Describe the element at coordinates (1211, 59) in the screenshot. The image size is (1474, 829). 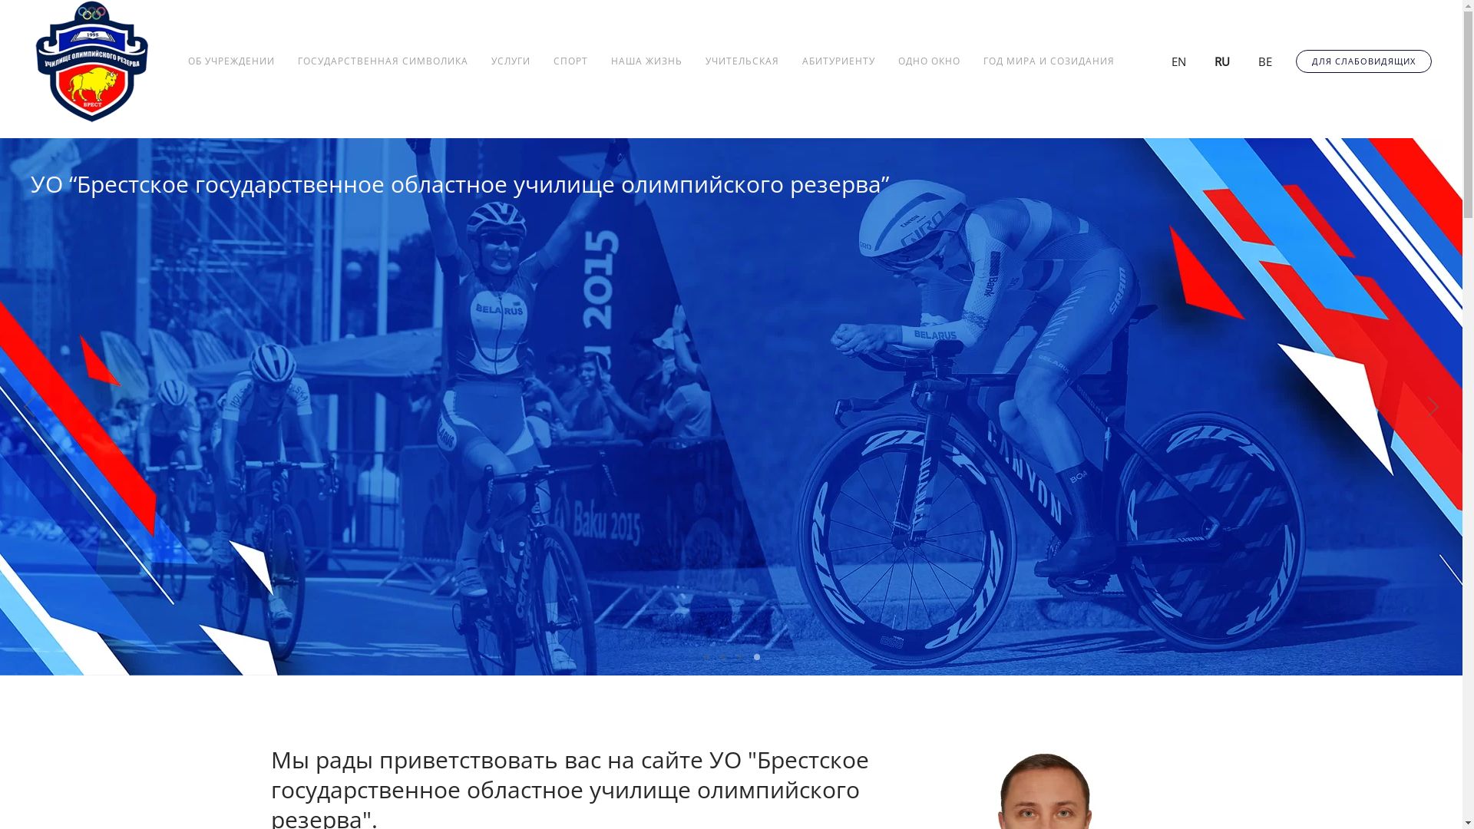
I see `'RU'` at that location.